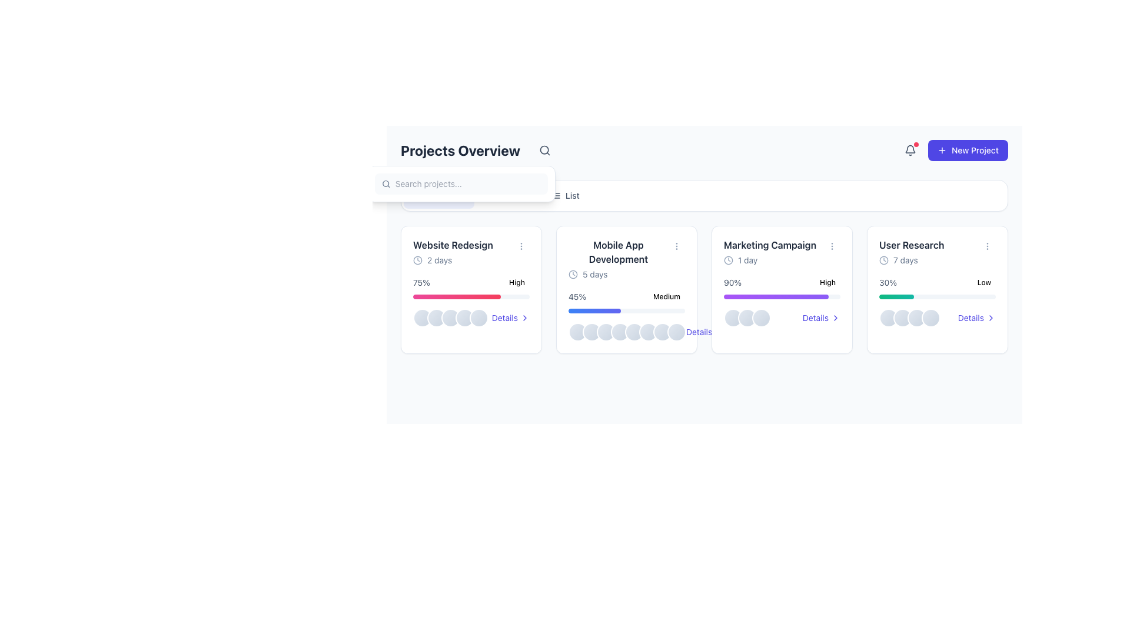  Describe the element at coordinates (888, 283) in the screenshot. I see `the numerical text display showing '30%' in light gray color, located in the top-left section of the 'User Research' card` at that location.